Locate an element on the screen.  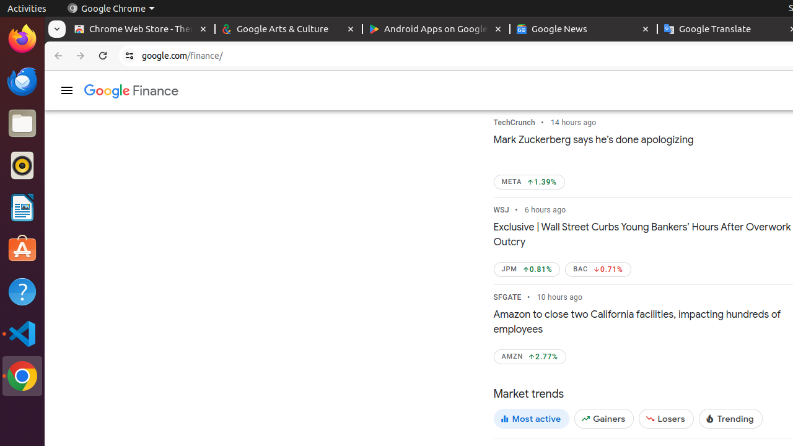
'Files' is located at coordinates (22, 123).